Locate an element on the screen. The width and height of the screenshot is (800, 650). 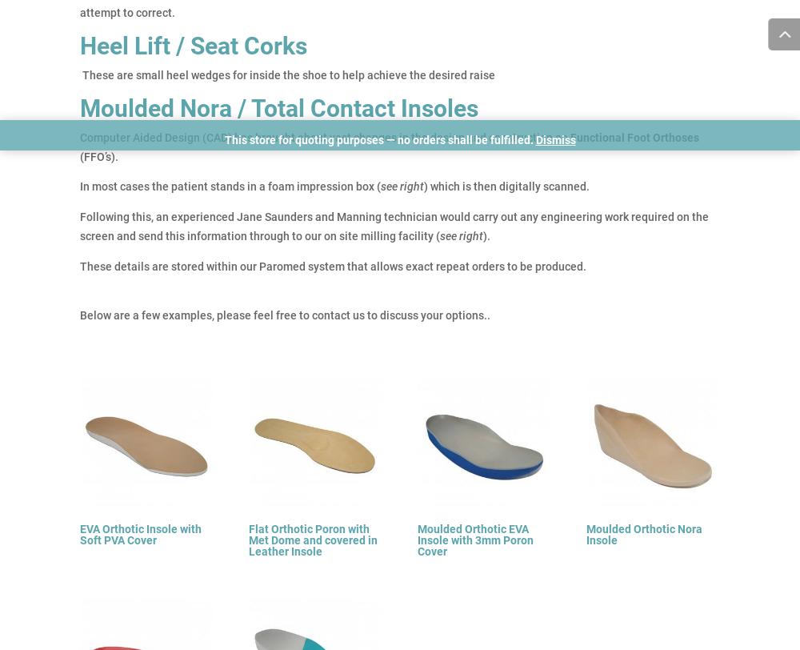
'Heel Lift / Seat Corks' is located at coordinates (79, 45).